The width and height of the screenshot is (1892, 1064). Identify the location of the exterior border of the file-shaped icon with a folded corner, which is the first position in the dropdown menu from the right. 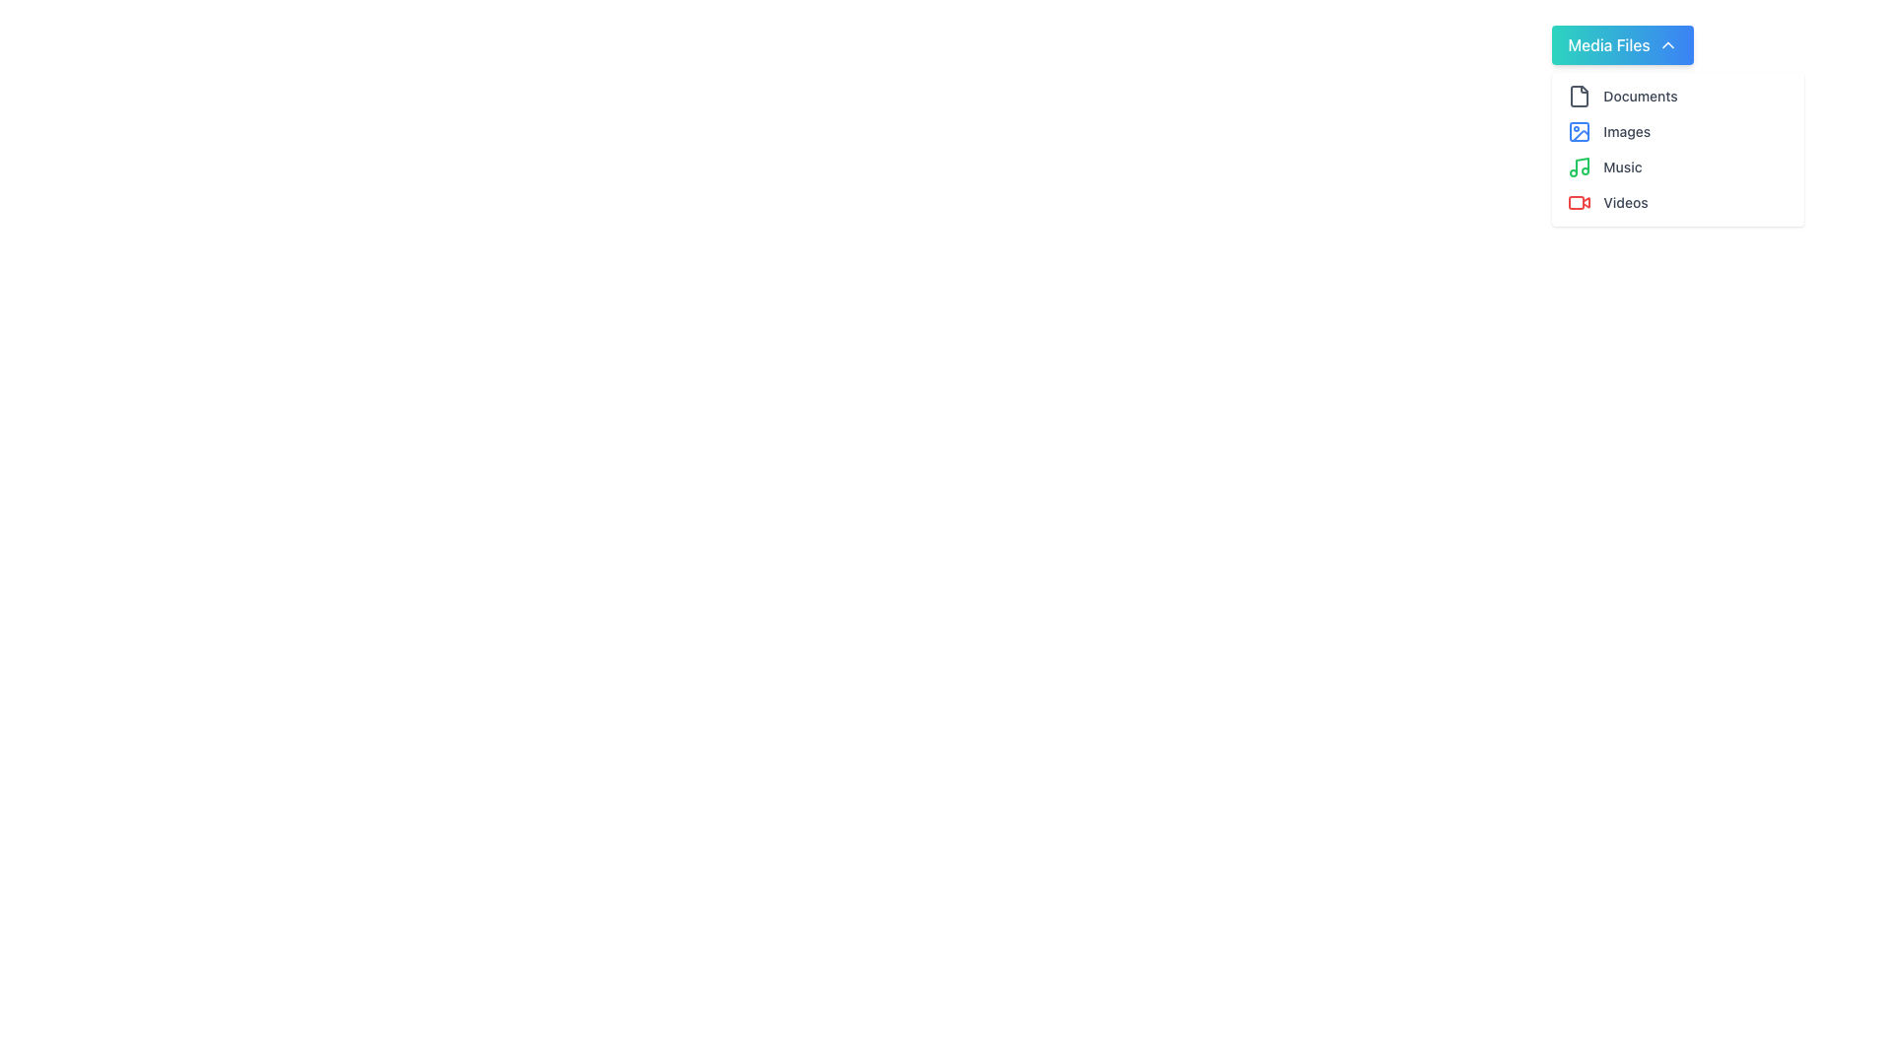
(1580, 96).